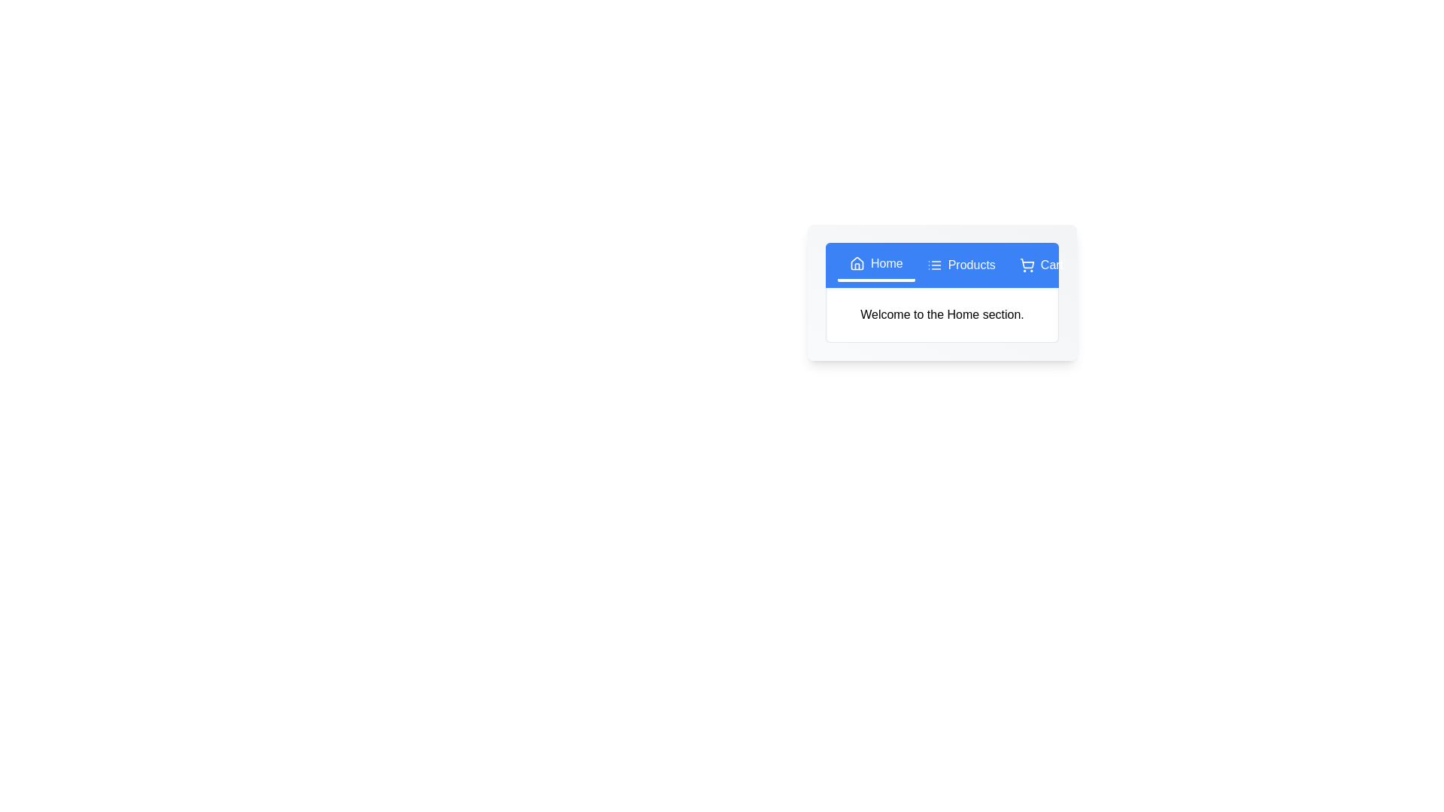 This screenshot has height=812, width=1444. What do you see at coordinates (1040, 265) in the screenshot?
I see `the 'Cart' tab to view its content` at bounding box center [1040, 265].